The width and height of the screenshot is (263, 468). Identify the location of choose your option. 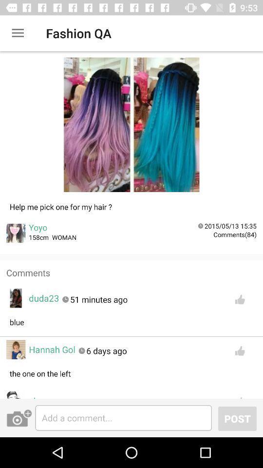
(131, 127).